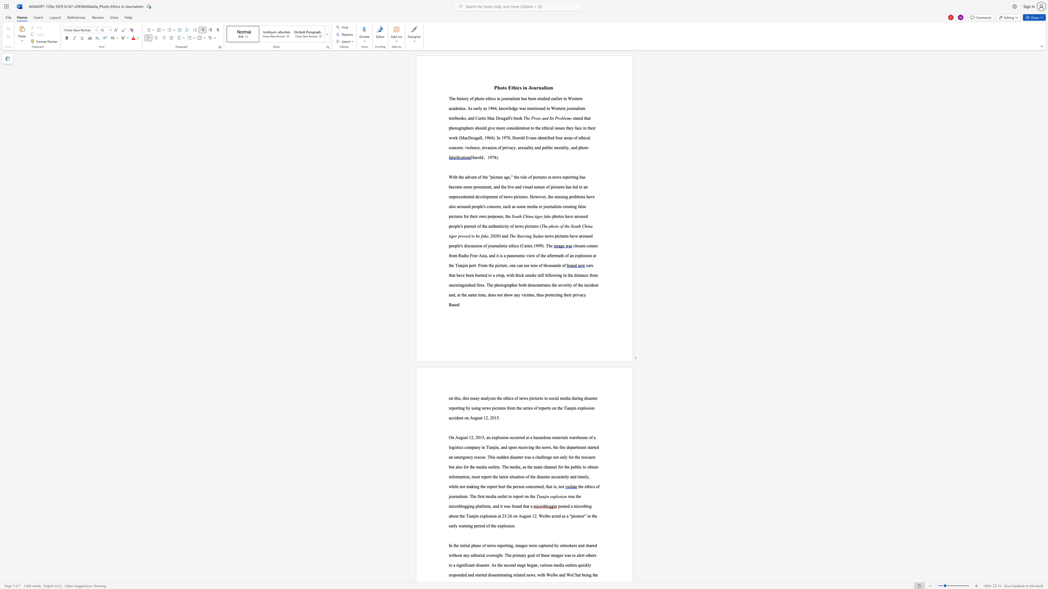 Image resolution: width=1048 pixels, height=589 pixels. I want to click on the 1th character ")" in the text, so click(500, 236).